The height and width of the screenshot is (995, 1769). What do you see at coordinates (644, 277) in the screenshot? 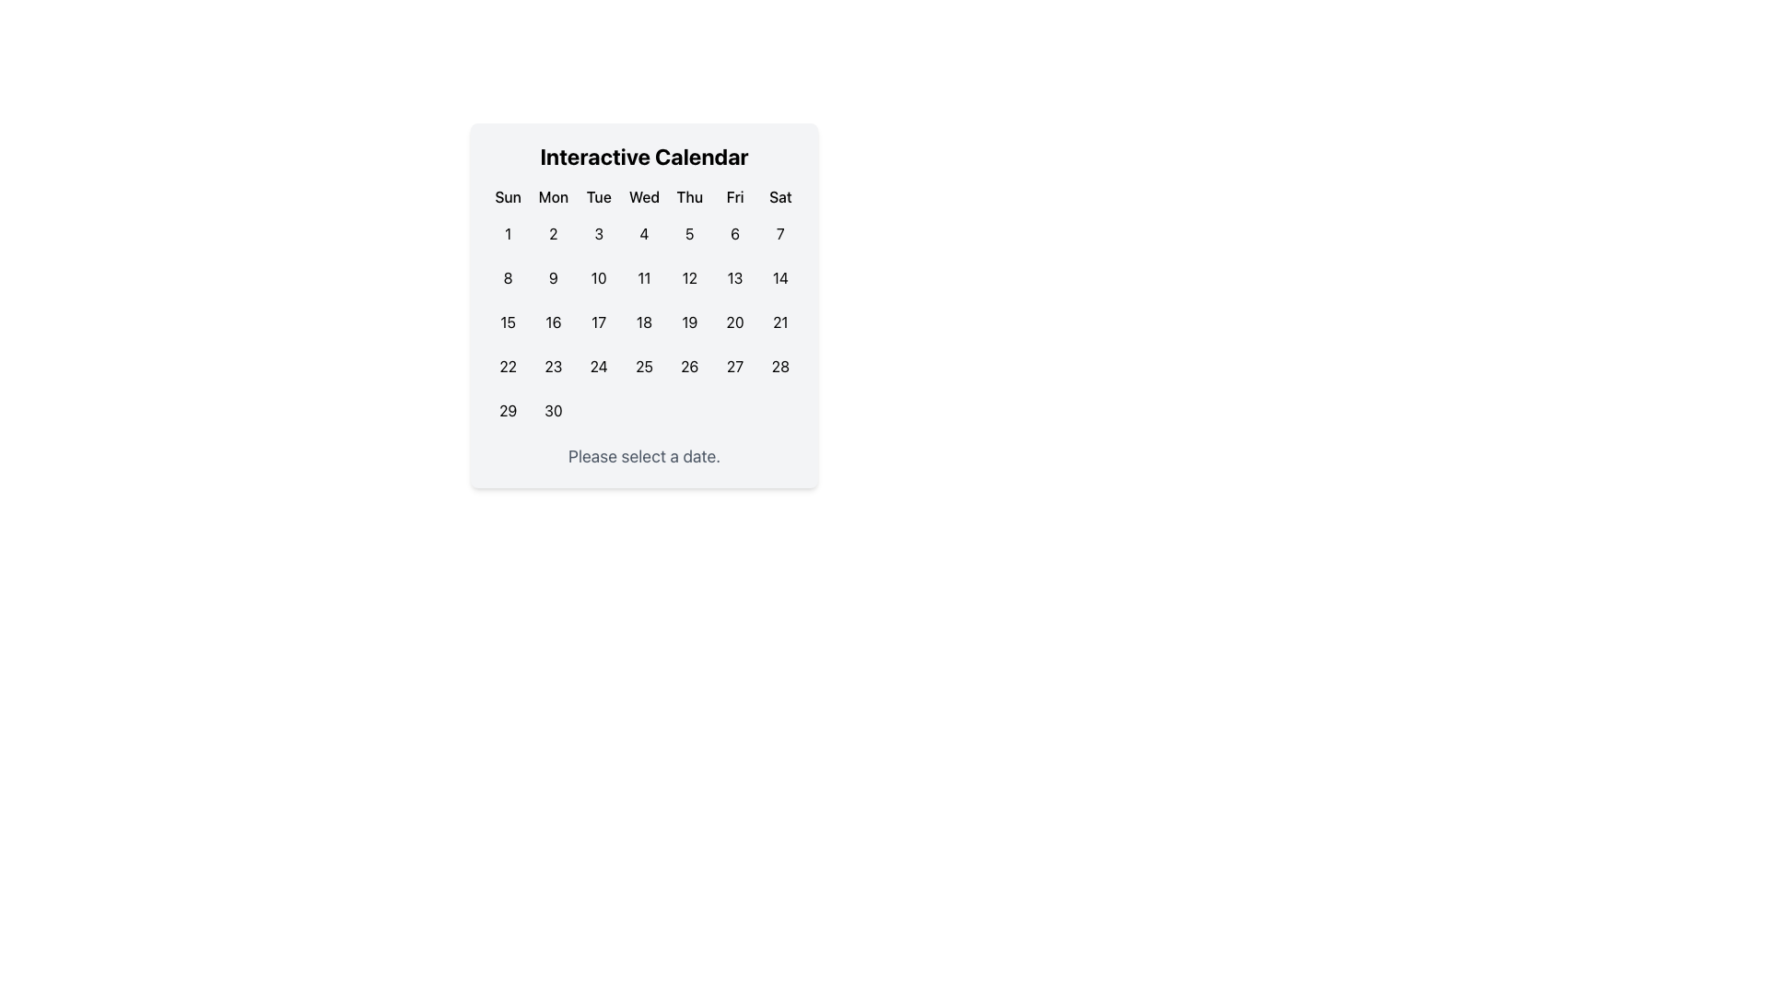
I see `the button-like text element labeled '11' located in the fourth column and third row of the calendar grid, which represents Wednesday` at bounding box center [644, 277].